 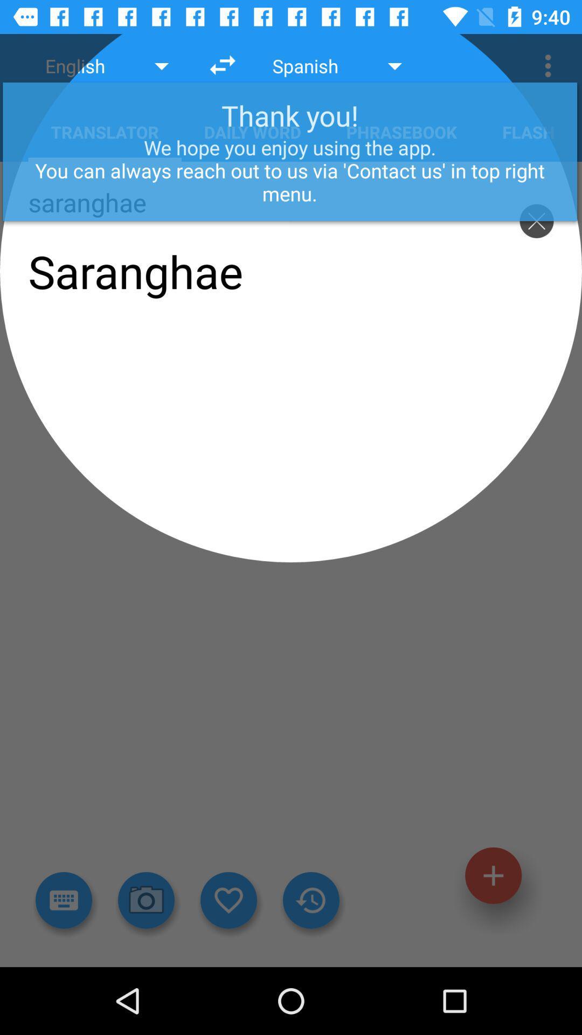 I want to click on the add icon, so click(x=493, y=875).